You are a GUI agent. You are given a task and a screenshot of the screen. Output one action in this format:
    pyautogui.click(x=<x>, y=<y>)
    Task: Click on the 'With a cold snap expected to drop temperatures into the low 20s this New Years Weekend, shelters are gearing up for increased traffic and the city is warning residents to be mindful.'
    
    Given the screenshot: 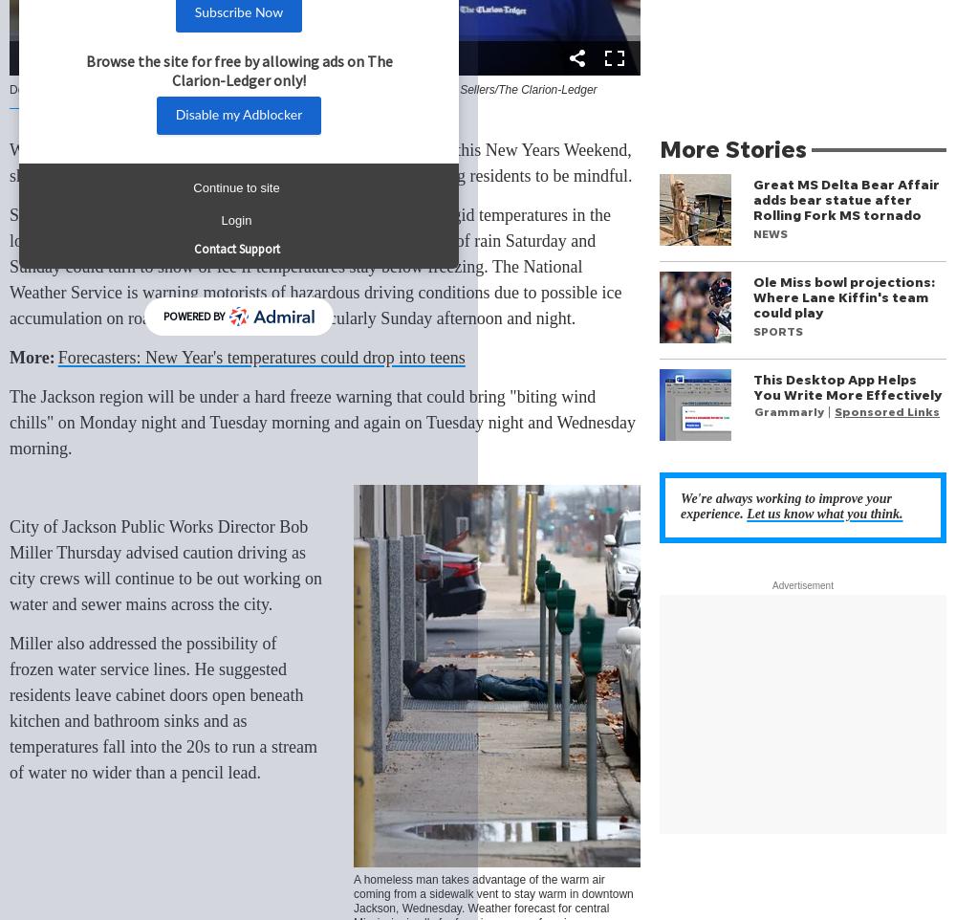 What is the action you would take?
    pyautogui.click(x=321, y=163)
    